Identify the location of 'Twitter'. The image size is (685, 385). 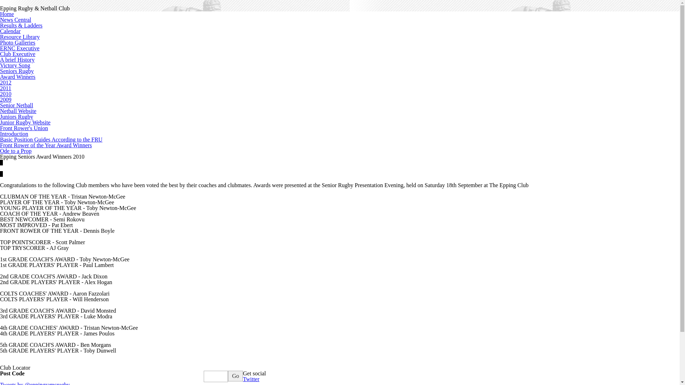
(251, 379).